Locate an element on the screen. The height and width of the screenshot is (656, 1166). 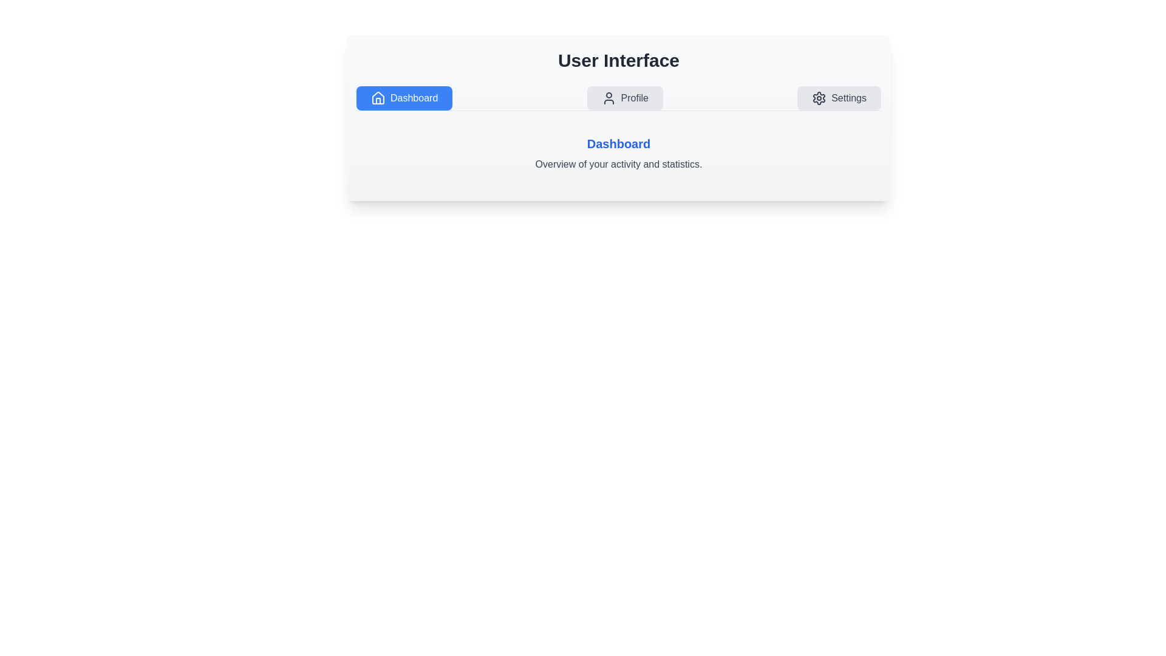
the Profile tab to view its content is located at coordinates (625, 98).